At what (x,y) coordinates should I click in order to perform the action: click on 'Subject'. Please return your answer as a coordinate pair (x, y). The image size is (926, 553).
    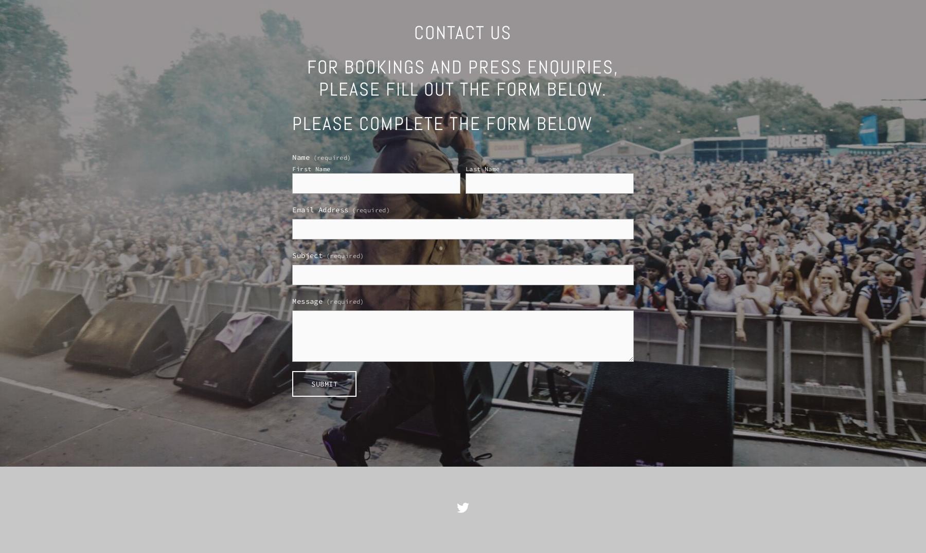
    Looking at the image, I should click on (292, 255).